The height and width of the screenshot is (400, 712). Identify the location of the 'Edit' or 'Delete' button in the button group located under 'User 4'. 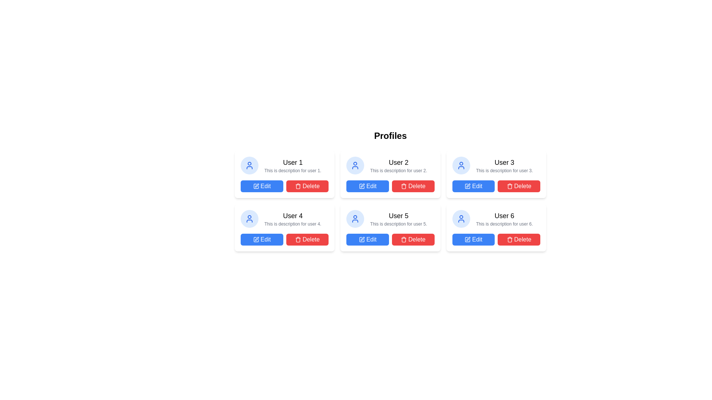
(284, 240).